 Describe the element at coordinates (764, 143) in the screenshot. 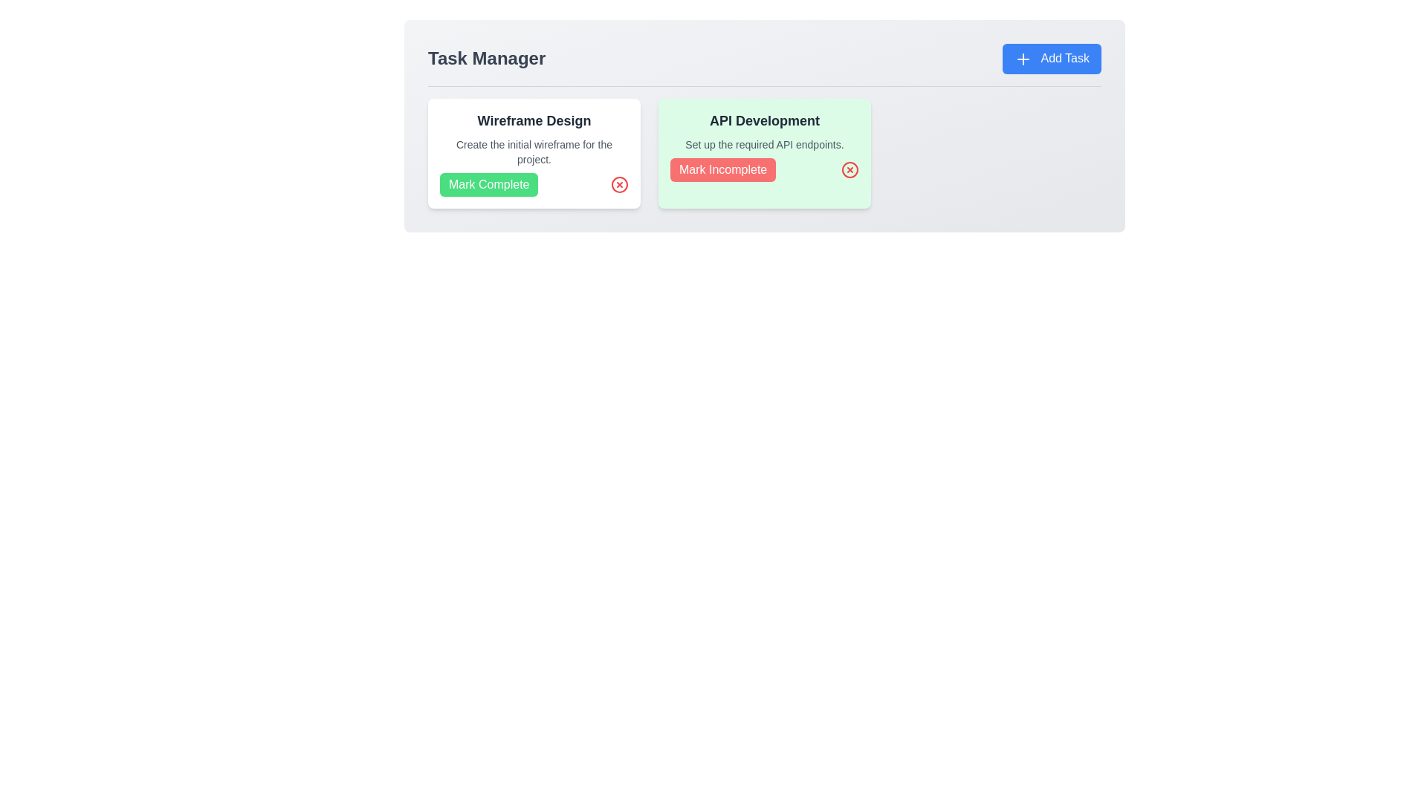

I see `the text displaying 'Set up the required API endpoints.' located within the 'API Development' card, which is positioned beneath the title 'API Development' and above the 'Mark Incomplete' button` at that location.